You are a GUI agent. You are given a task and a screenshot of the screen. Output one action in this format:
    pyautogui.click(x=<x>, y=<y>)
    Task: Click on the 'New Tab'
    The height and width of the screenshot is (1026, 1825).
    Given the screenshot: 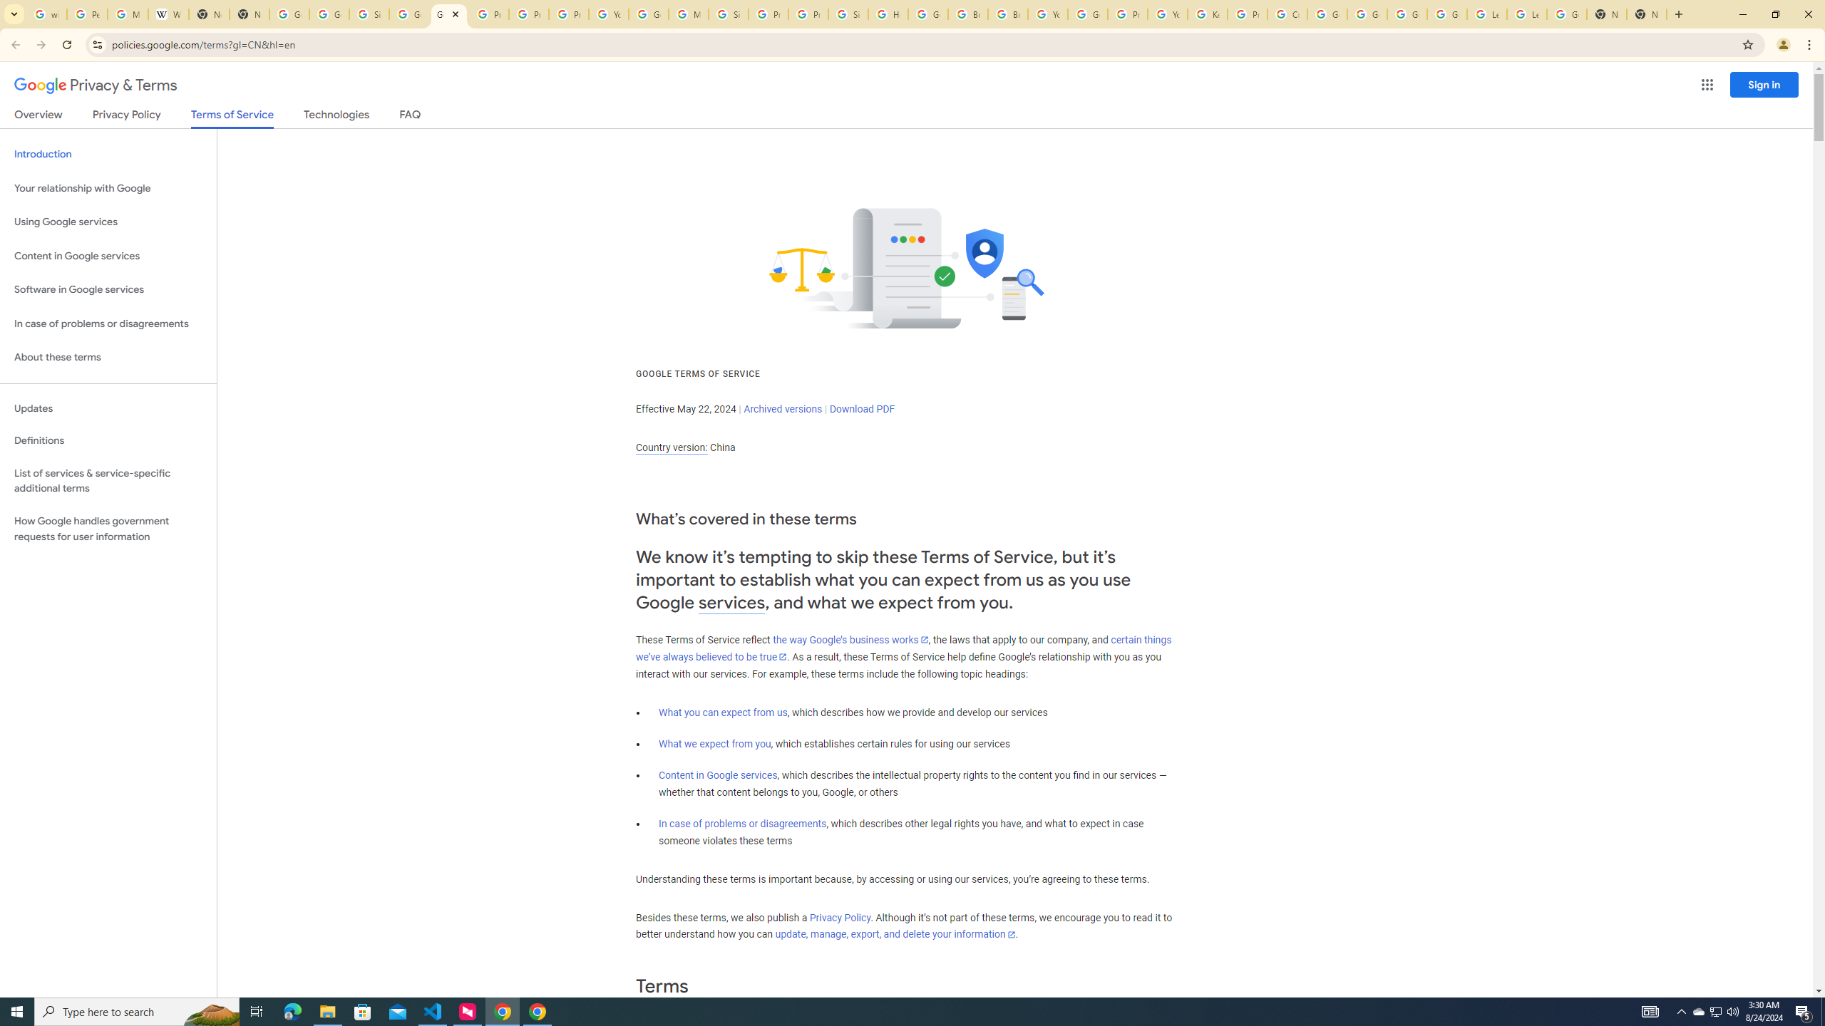 What is the action you would take?
    pyautogui.click(x=1607, y=14)
    